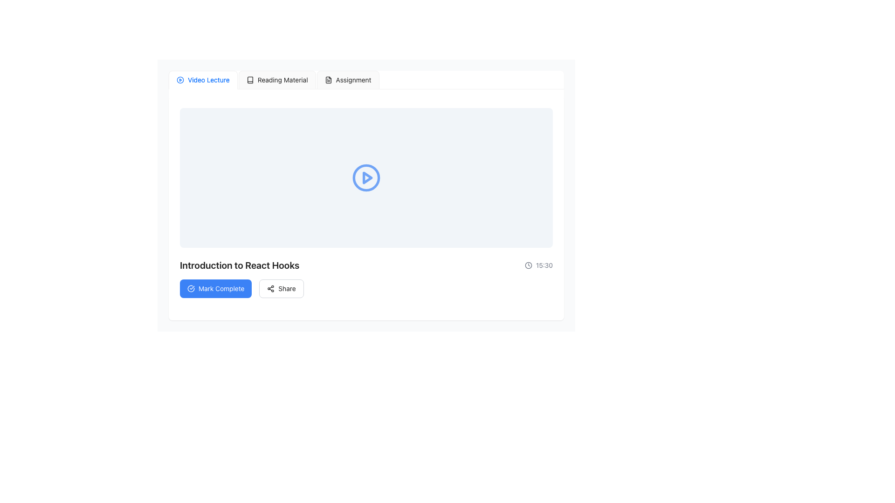  What do you see at coordinates (180, 80) in the screenshot?
I see `the outermost circular boundary of the play button located at the center of the video thumbnail area` at bounding box center [180, 80].